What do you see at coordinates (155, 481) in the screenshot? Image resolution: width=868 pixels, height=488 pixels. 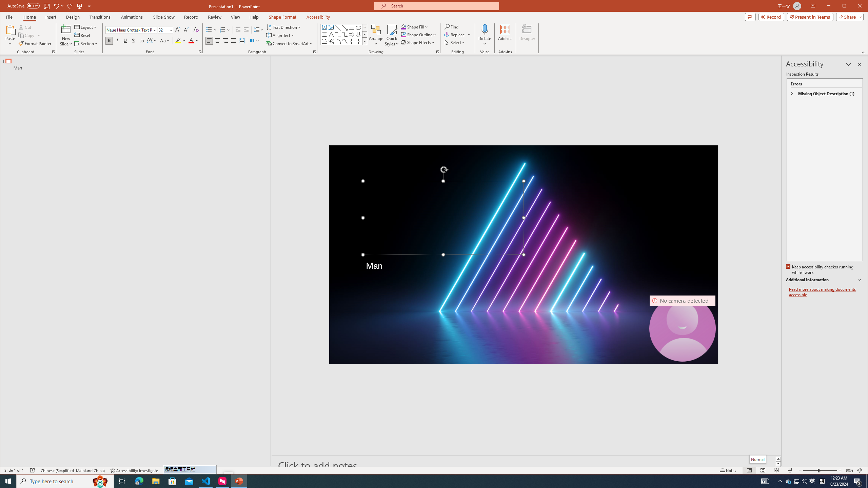 I see `'File Explorer'` at bounding box center [155, 481].